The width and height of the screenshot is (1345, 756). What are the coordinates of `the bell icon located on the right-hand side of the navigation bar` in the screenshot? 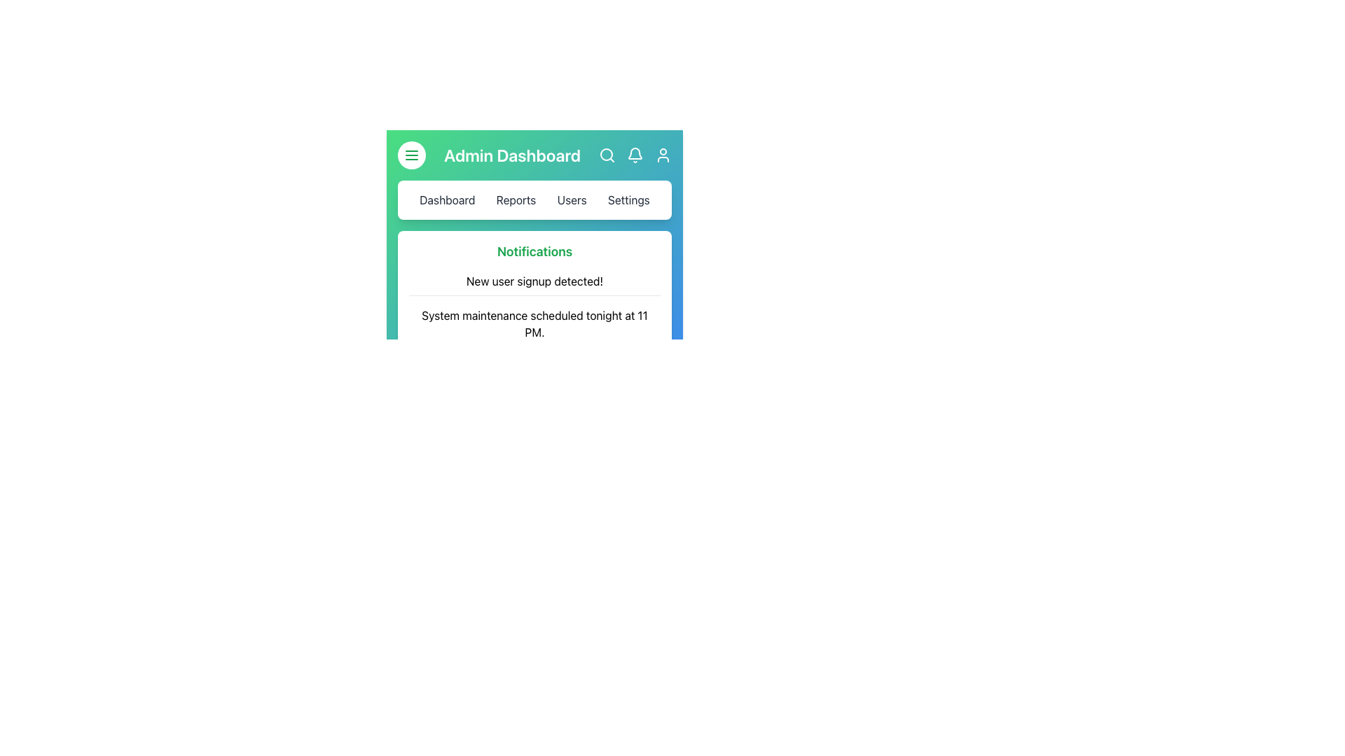 It's located at (635, 153).